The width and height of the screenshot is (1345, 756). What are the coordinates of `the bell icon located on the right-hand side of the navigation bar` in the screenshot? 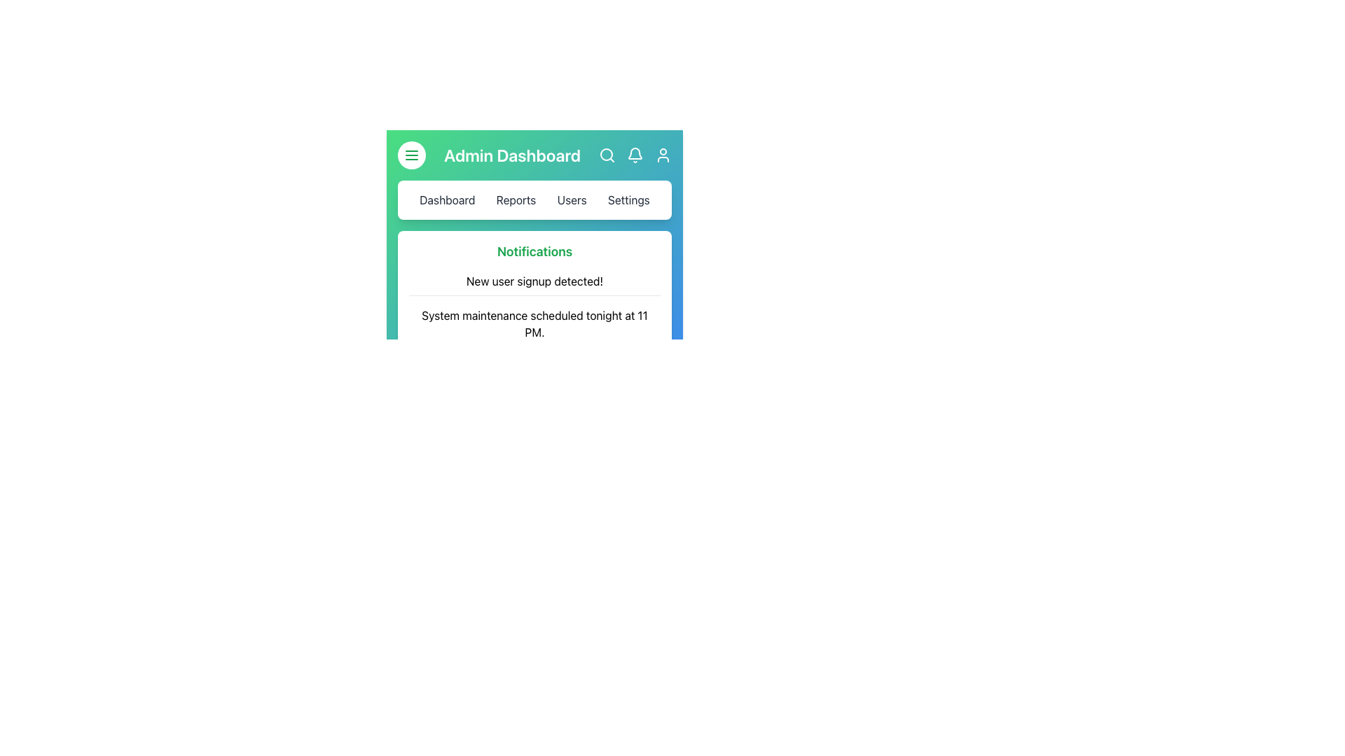 It's located at (635, 153).